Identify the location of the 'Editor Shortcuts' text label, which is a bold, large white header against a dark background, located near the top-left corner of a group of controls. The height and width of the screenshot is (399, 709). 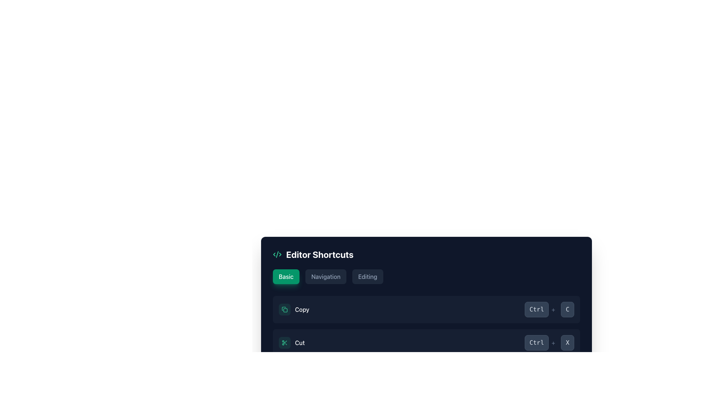
(320, 254).